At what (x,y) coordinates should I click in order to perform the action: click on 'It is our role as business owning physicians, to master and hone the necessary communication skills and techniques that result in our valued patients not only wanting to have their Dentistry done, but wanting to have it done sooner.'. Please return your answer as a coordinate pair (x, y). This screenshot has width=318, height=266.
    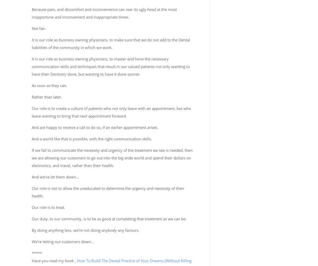
    Looking at the image, I should click on (111, 66).